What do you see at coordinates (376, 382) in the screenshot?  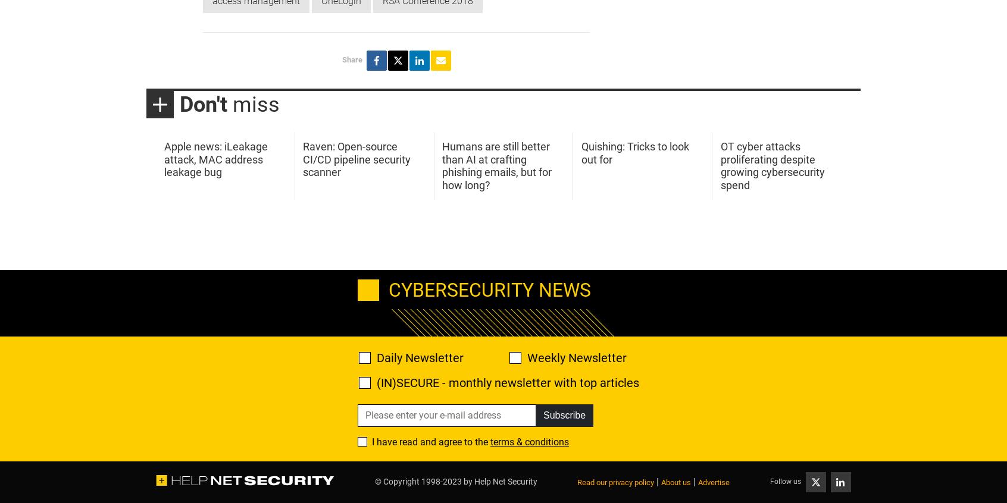 I see `'(IN)SECURE - monthly newsletter with top articles'` at bounding box center [376, 382].